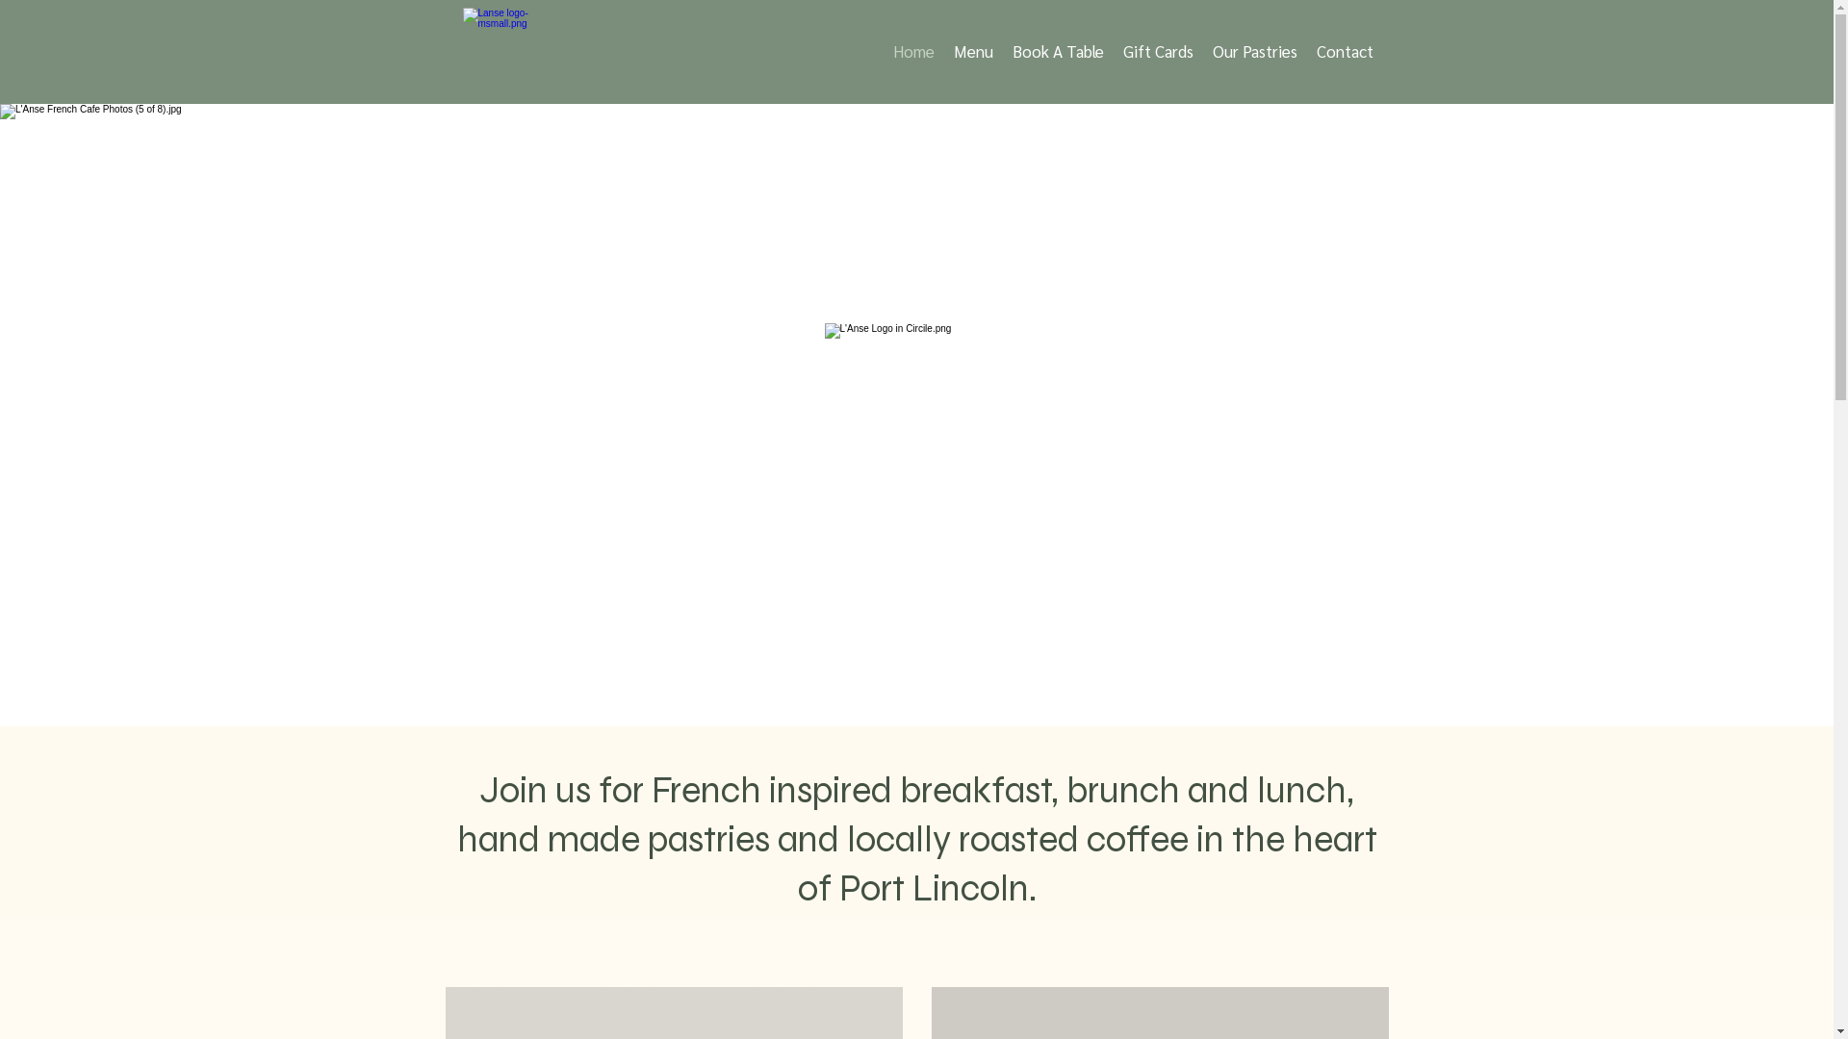 The height and width of the screenshot is (1039, 1848). What do you see at coordinates (1344, 50) in the screenshot?
I see `'Contact'` at bounding box center [1344, 50].